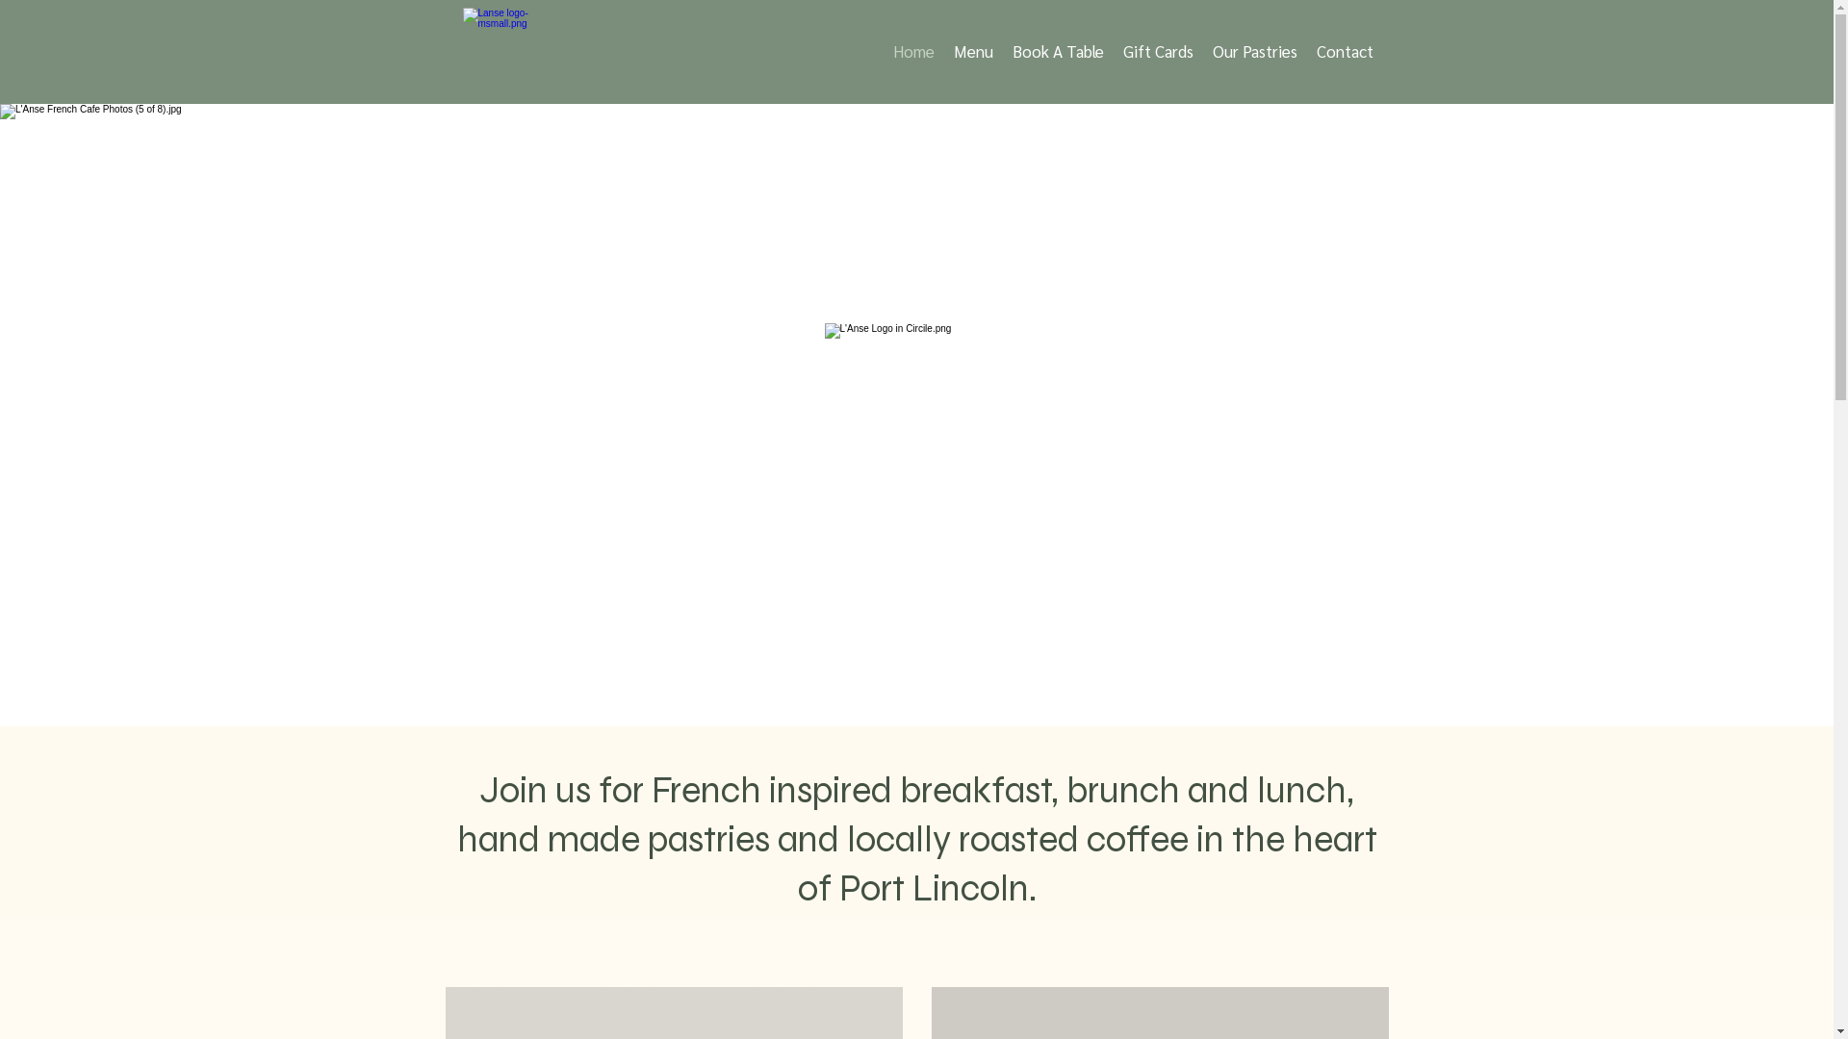 The height and width of the screenshot is (1039, 1848). What do you see at coordinates (1344, 50) in the screenshot?
I see `'Contact'` at bounding box center [1344, 50].